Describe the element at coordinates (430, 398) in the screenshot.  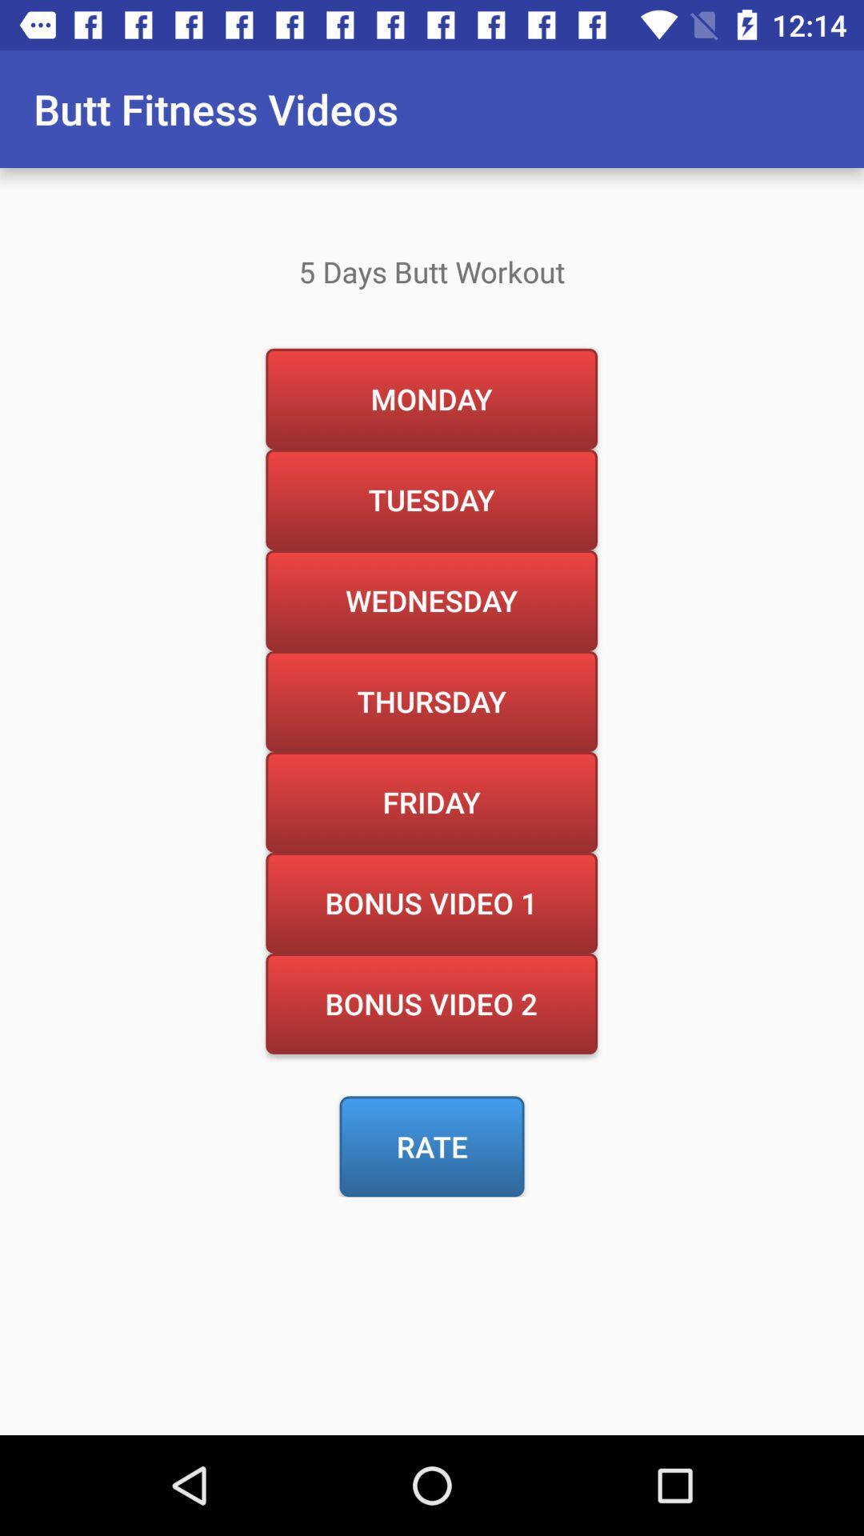
I see `the monday` at that location.